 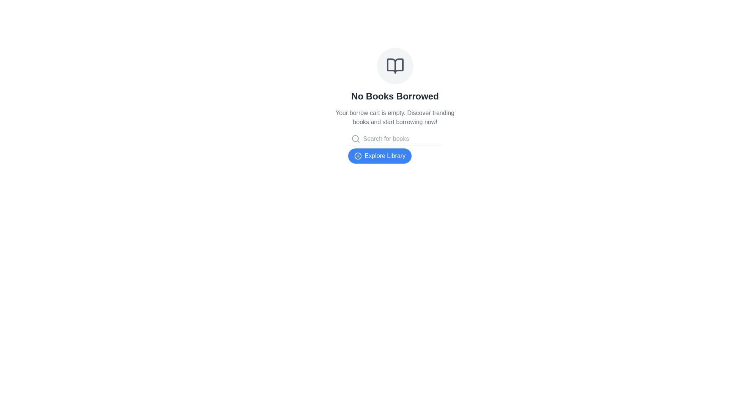 I want to click on the icon positioned at the center-left of the 'Explore Library' button, so click(x=357, y=156).